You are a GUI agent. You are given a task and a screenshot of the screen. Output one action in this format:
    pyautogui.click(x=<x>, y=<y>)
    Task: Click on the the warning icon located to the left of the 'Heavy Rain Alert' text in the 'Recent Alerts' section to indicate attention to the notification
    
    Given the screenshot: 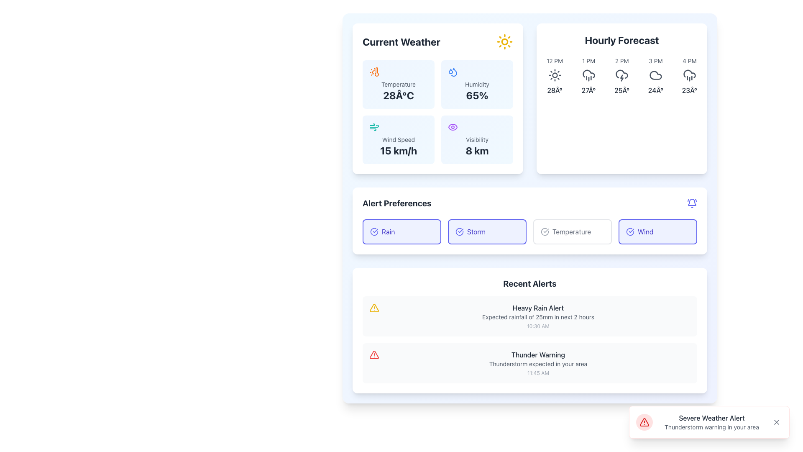 What is the action you would take?
    pyautogui.click(x=373, y=308)
    